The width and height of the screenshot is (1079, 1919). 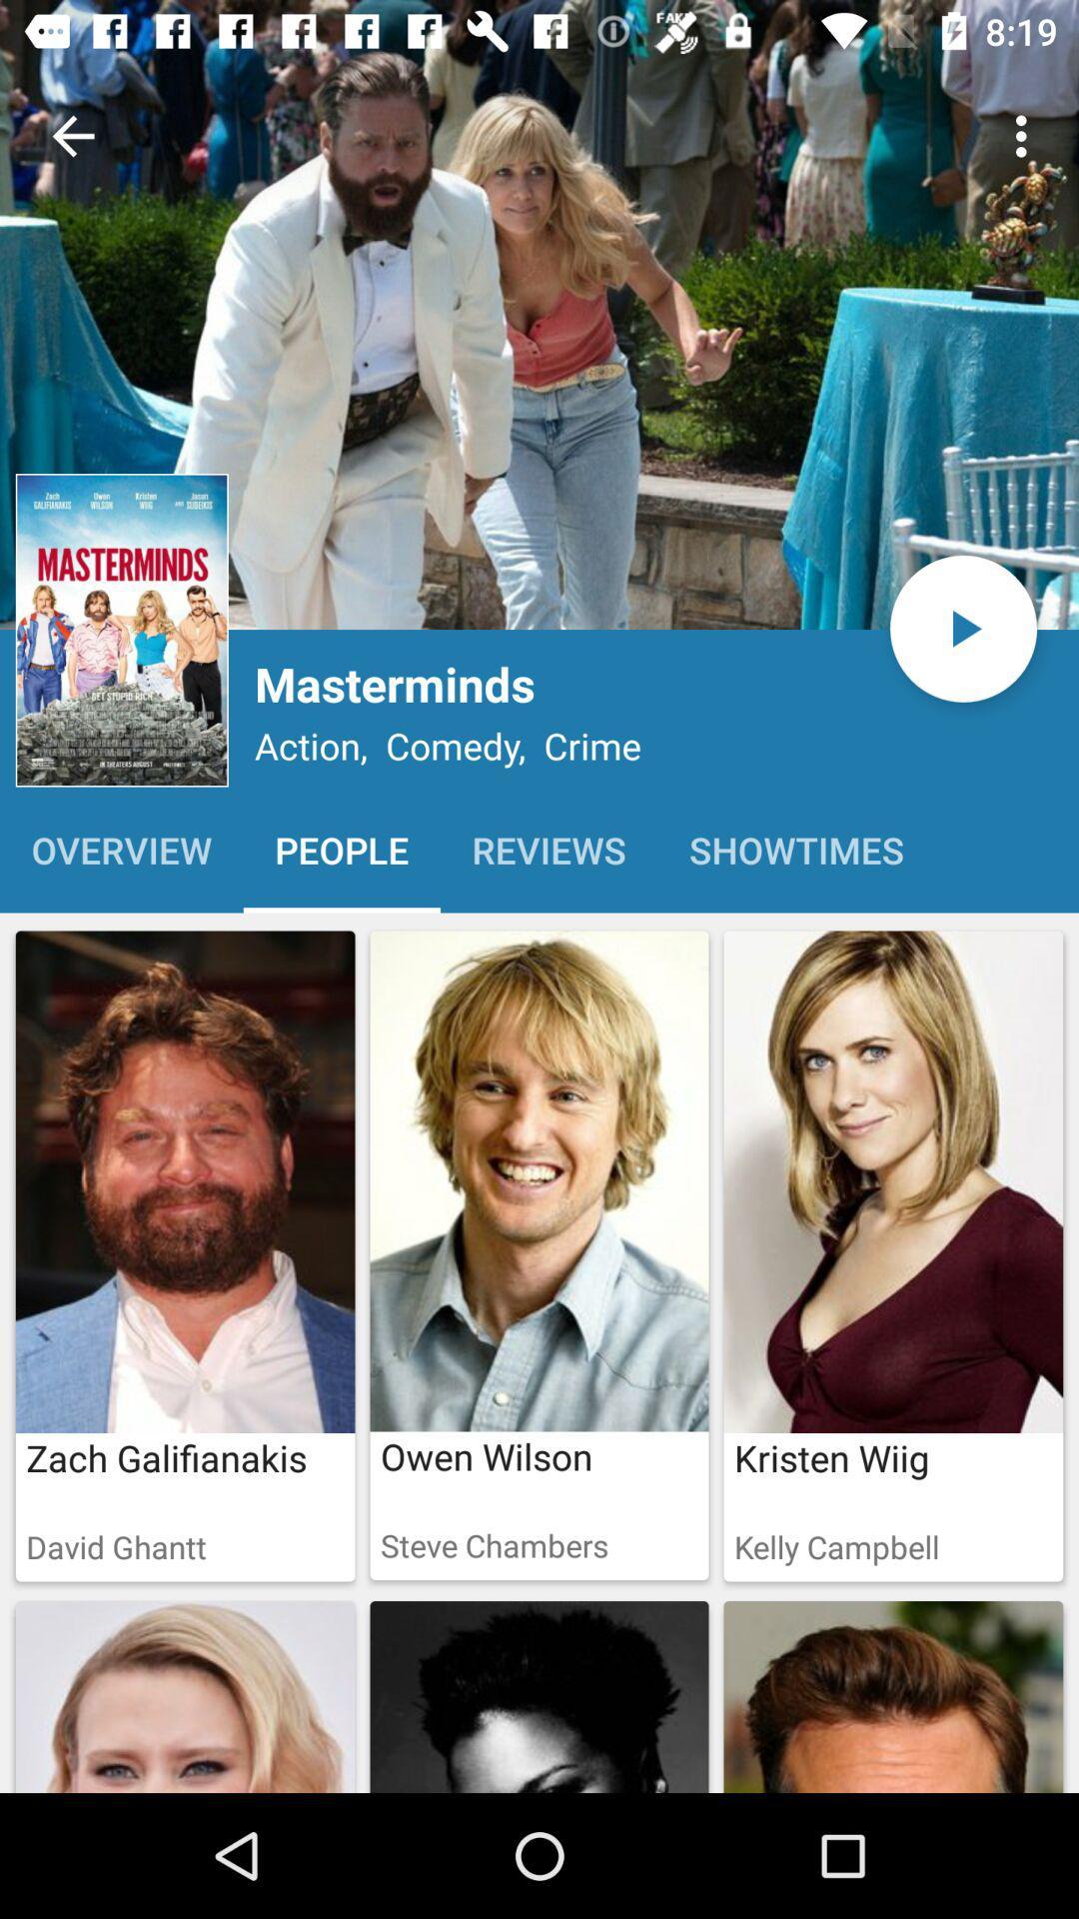 What do you see at coordinates (962, 628) in the screenshot?
I see `play` at bounding box center [962, 628].